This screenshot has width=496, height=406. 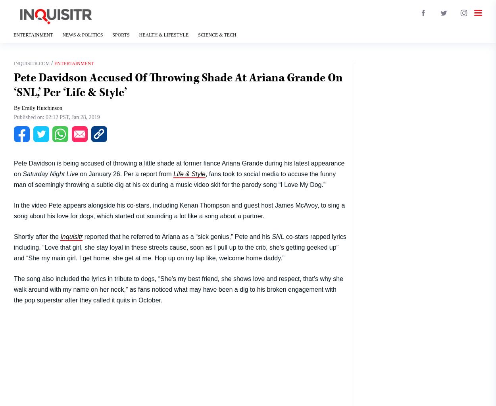 I want to click on 'Saturday Night Live', so click(x=50, y=173).